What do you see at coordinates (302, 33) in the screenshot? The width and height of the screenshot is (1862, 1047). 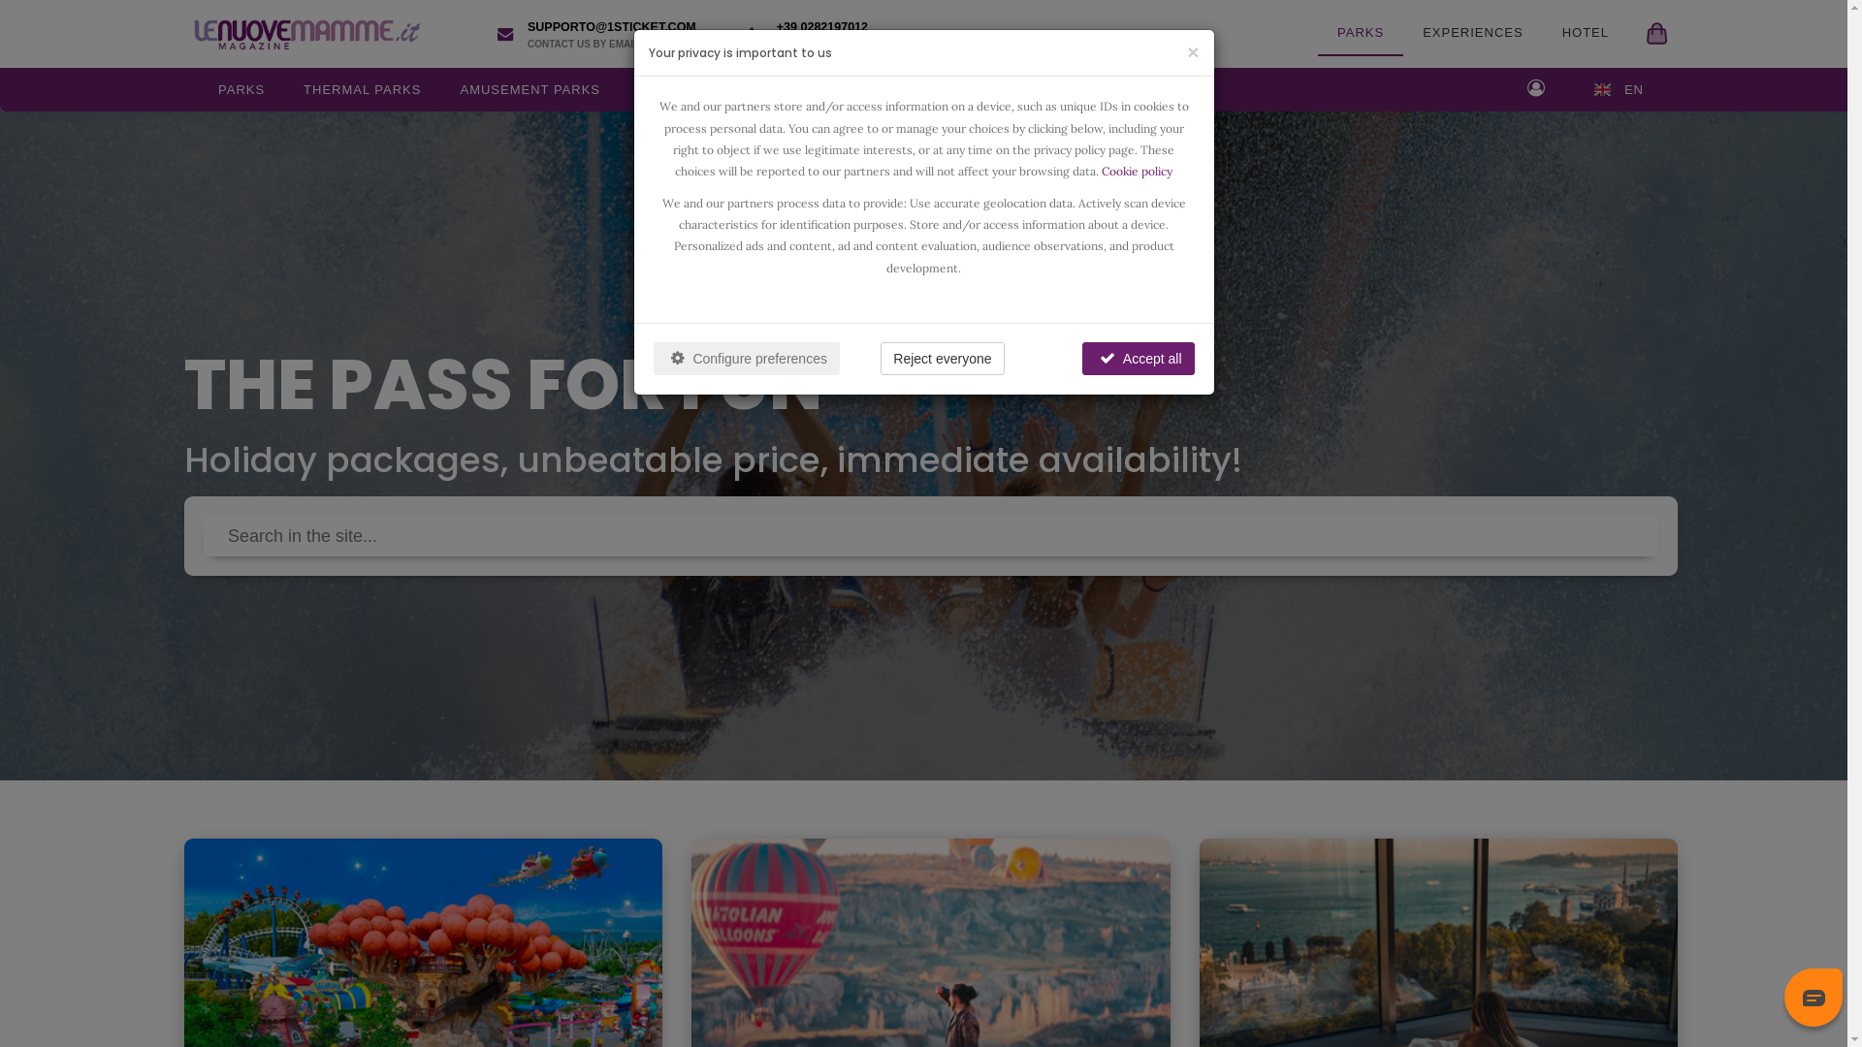 I see `'Le Nuove Mamme'` at bounding box center [302, 33].